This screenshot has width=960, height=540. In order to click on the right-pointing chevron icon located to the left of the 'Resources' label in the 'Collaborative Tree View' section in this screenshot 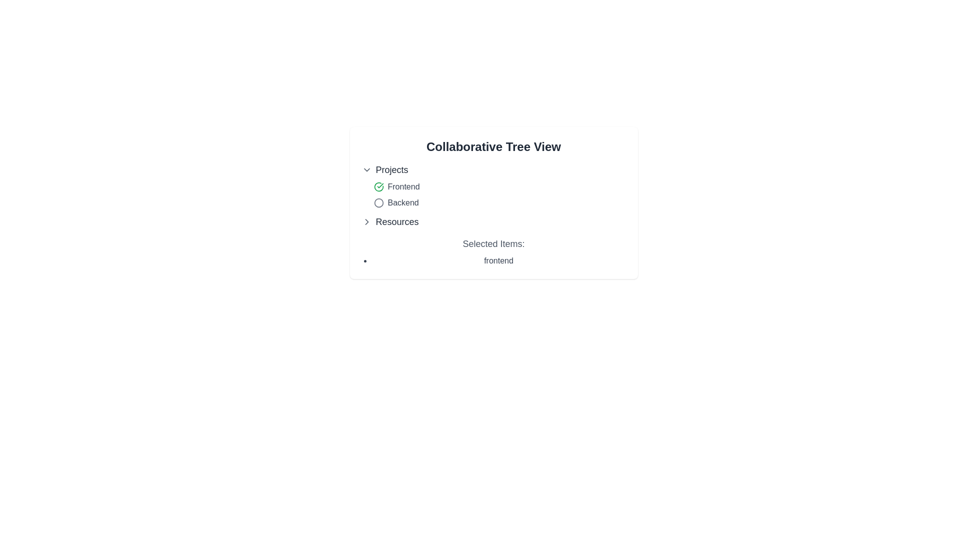, I will do `click(366, 221)`.